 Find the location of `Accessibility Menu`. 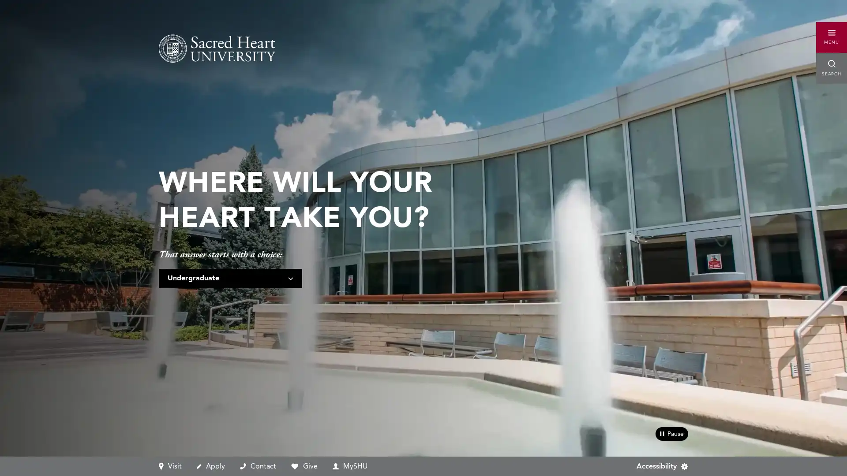

Accessibility Menu is located at coordinates (658, 31).